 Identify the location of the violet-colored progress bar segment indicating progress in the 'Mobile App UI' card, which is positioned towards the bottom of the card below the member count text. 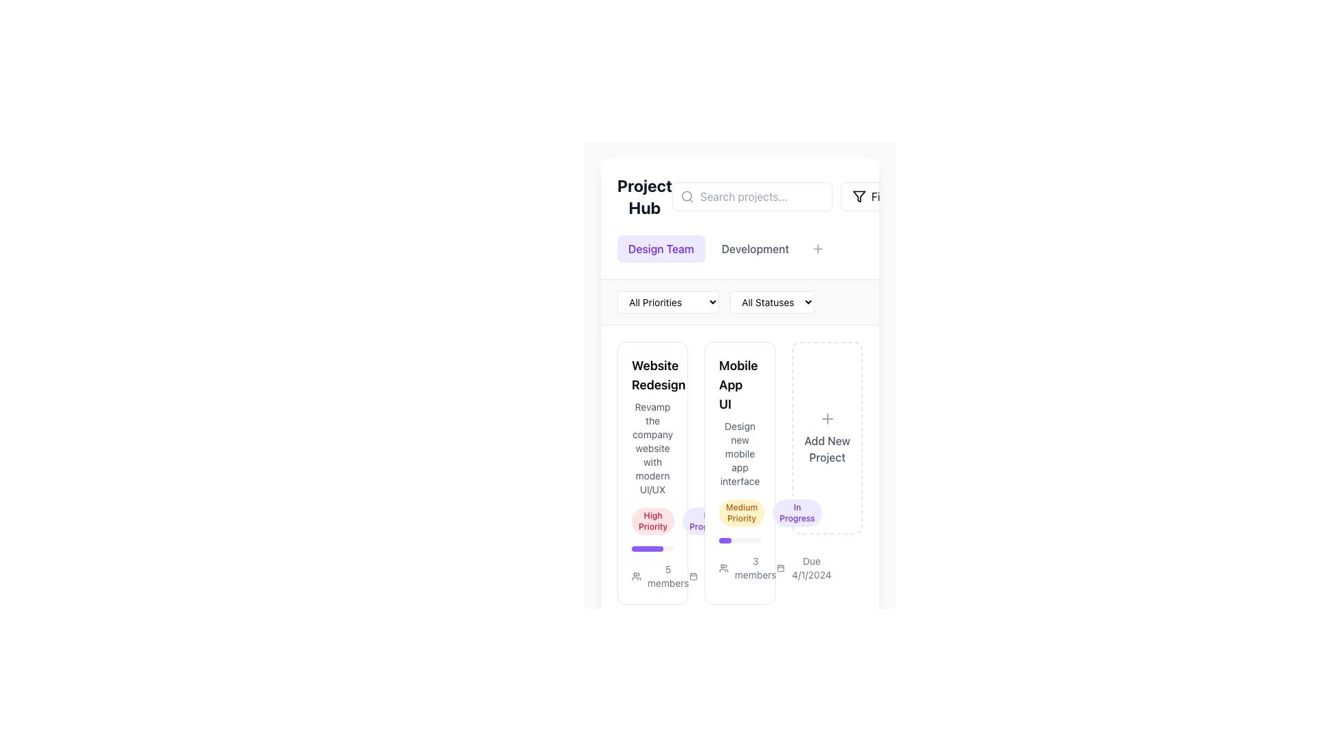
(725, 540).